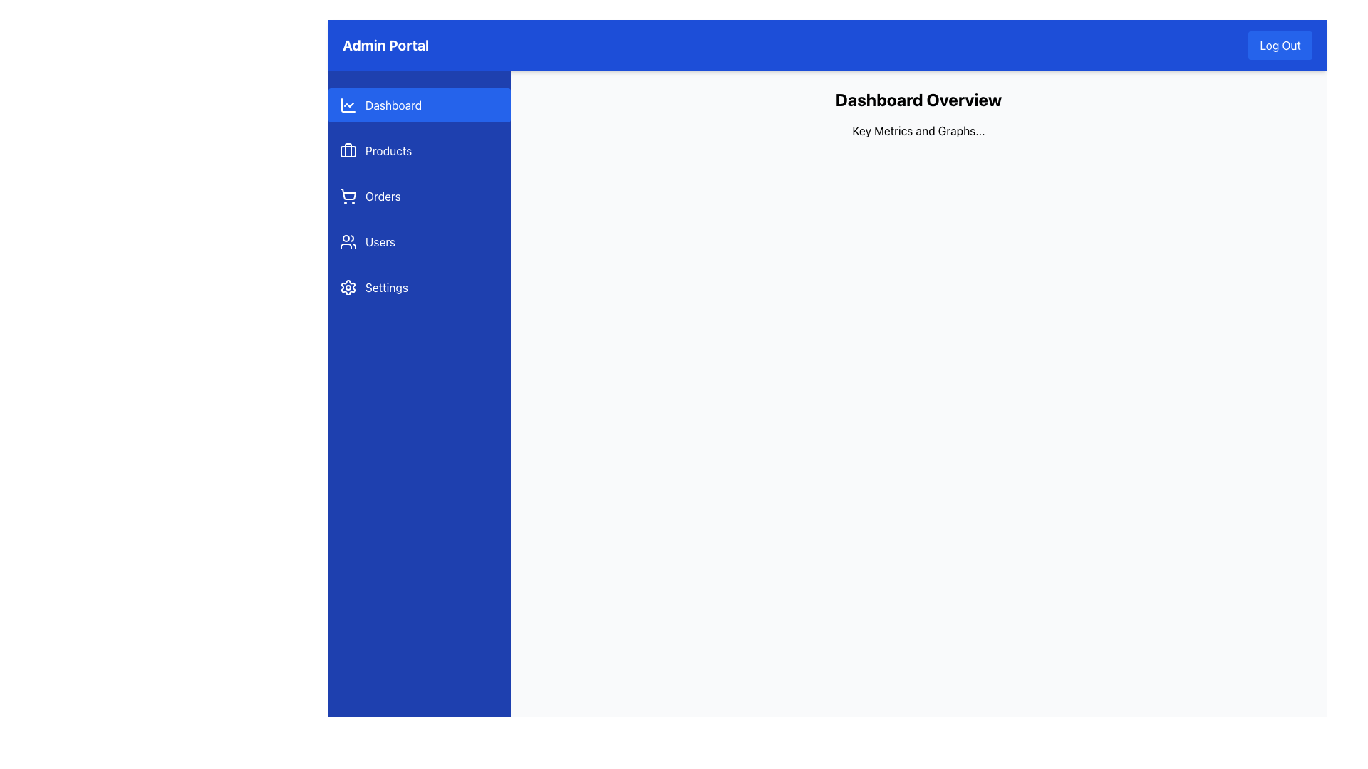  What do you see at coordinates (348, 197) in the screenshot?
I see `the 'Orders' icon in the sidebar navigation menu, which is visually associated with order management, located below the 'Products' item` at bounding box center [348, 197].